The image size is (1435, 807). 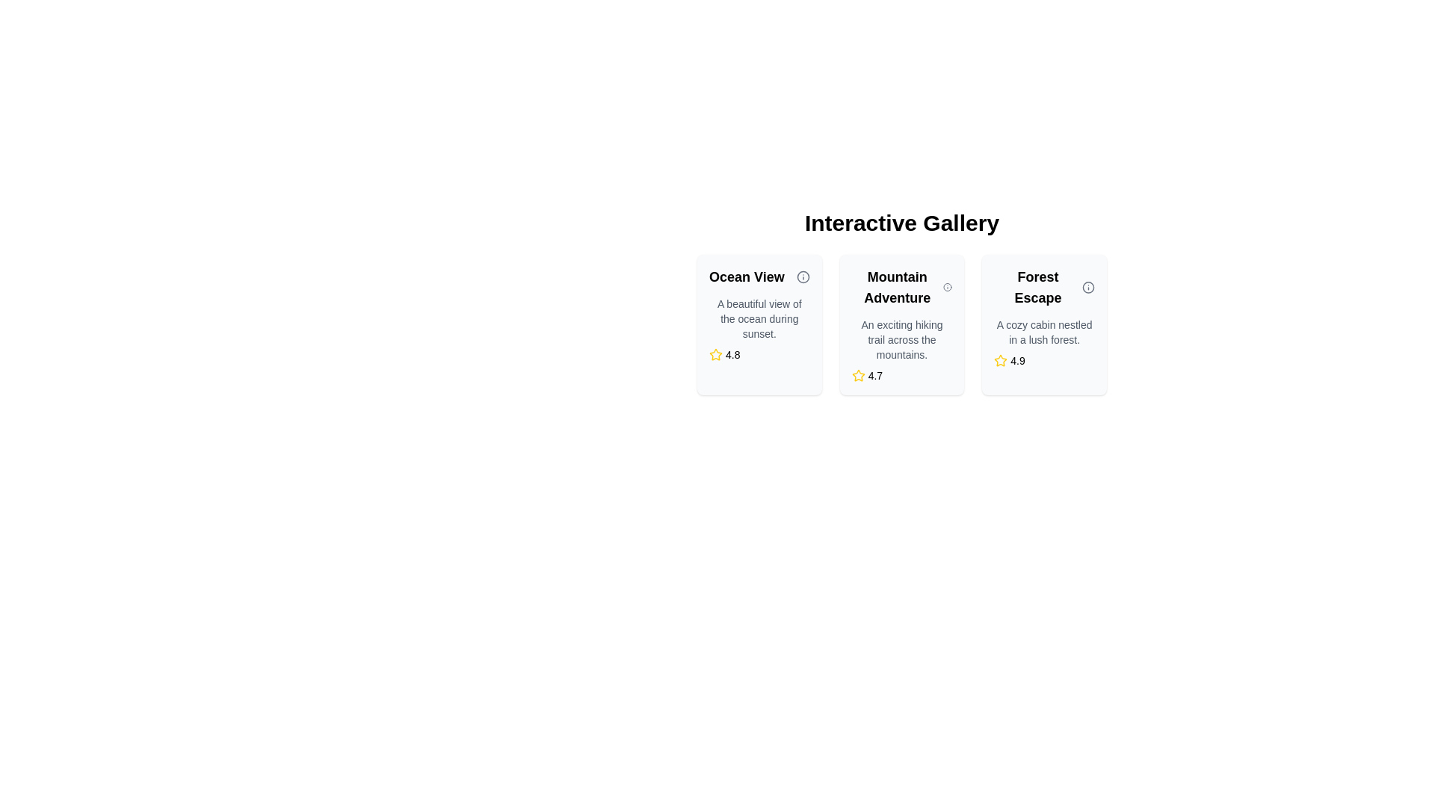 What do you see at coordinates (802, 276) in the screenshot?
I see `the information icon located to the right of the 'Ocean View' text in the Ocean View card` at bounding box center [802, 276].